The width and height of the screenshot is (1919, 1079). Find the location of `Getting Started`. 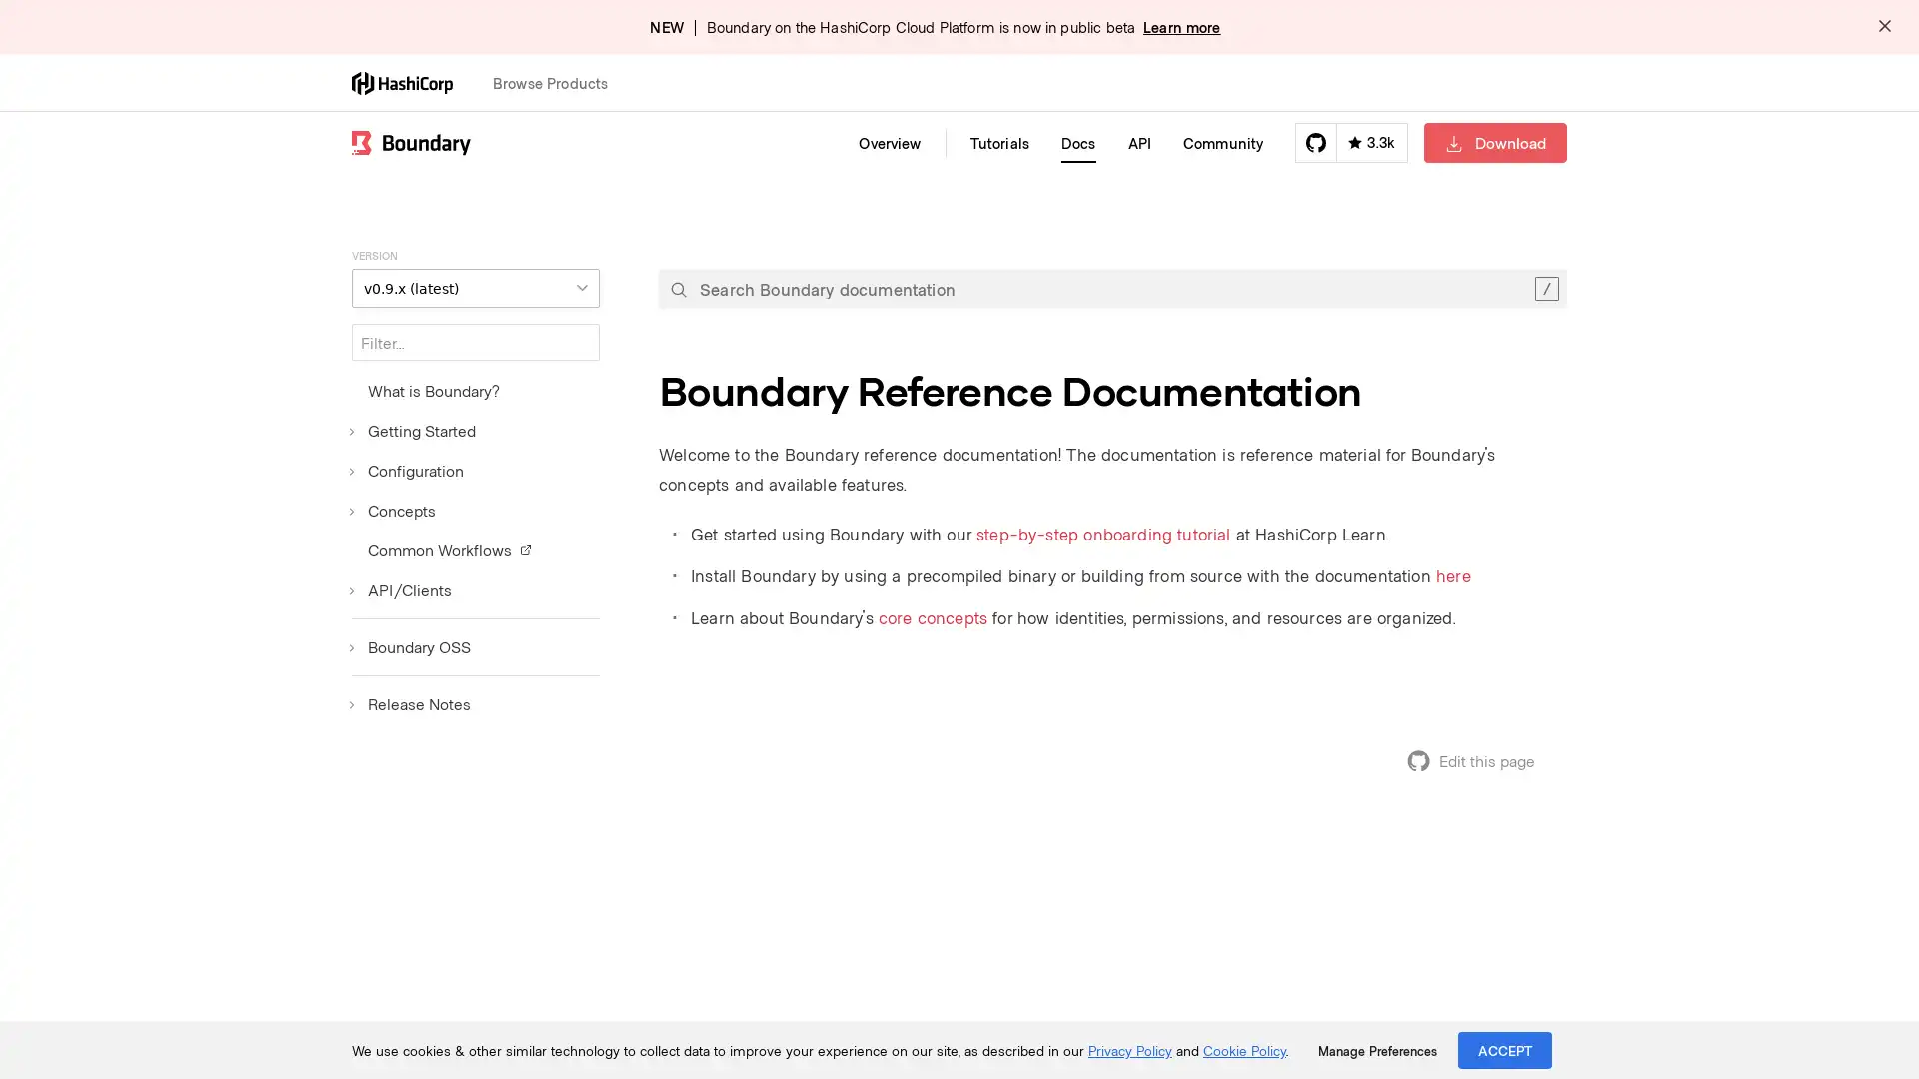

Getting Started is located at coordinates (412, 430).